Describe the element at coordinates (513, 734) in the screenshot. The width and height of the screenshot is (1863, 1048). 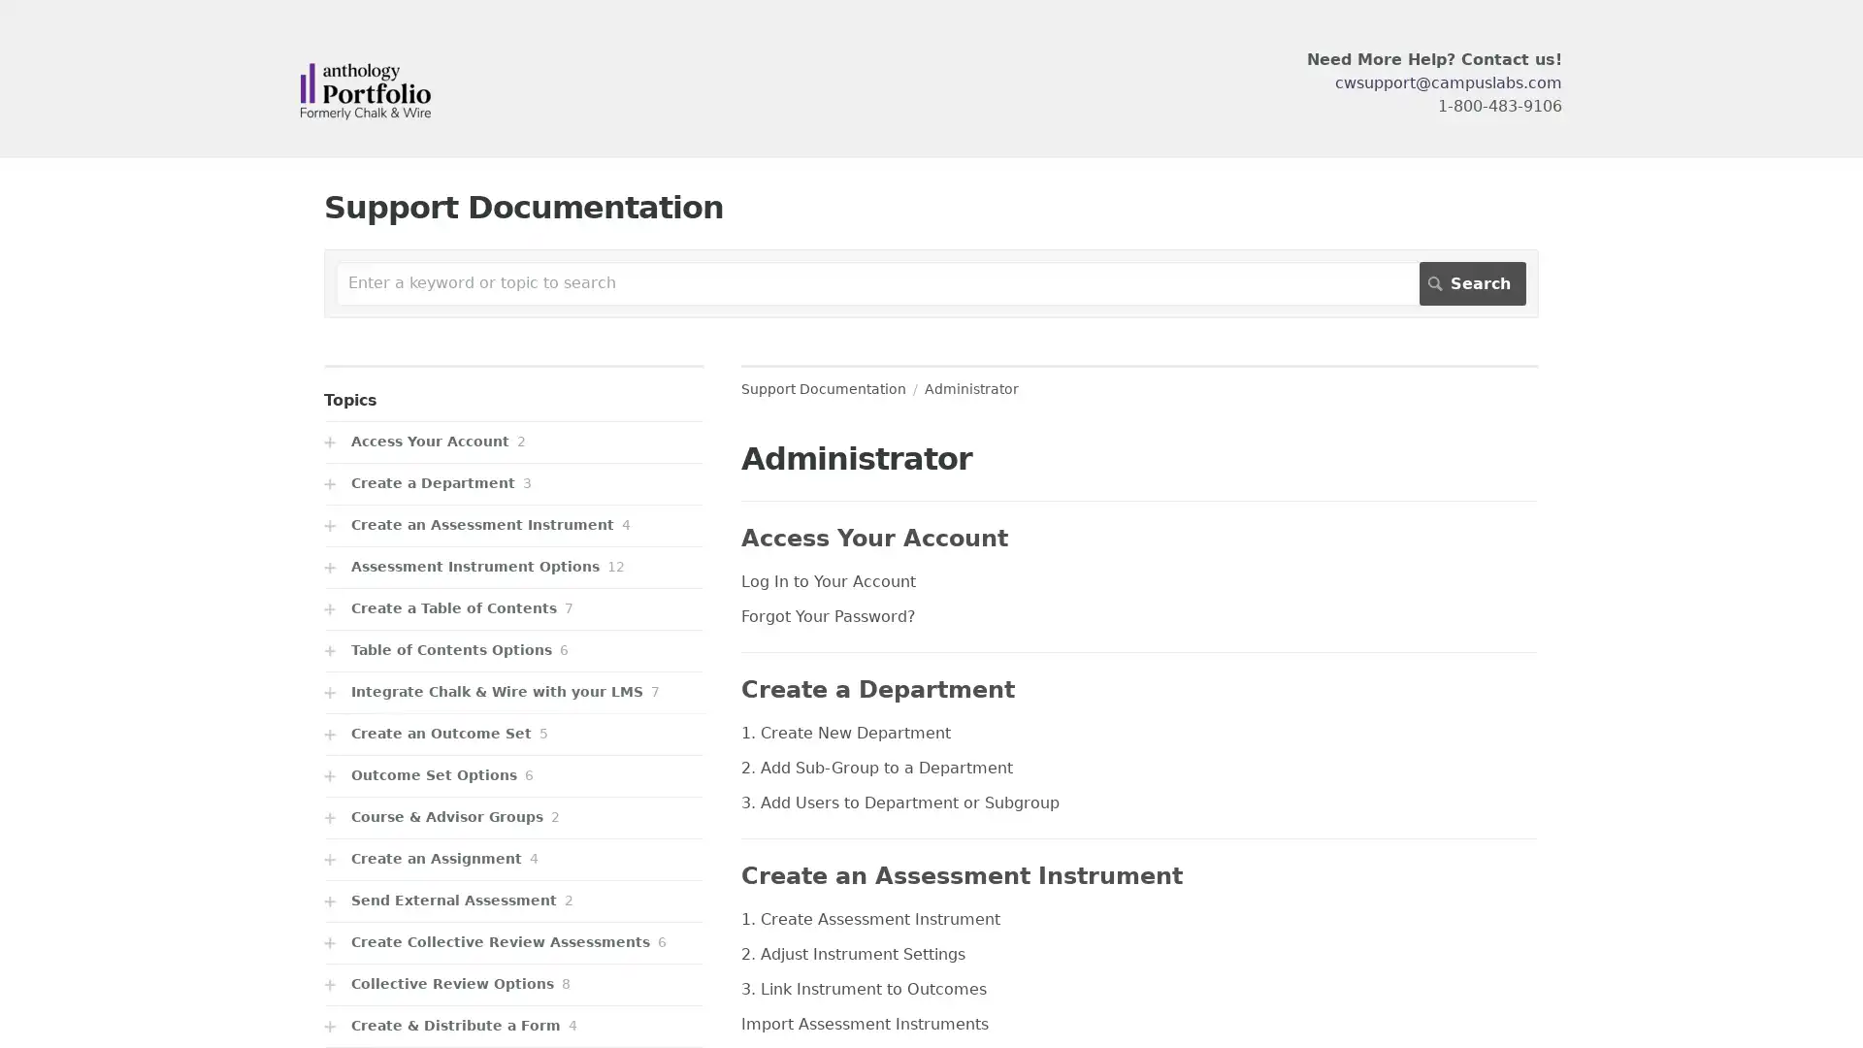
I see `Create an Outcome Set 5` at that location.